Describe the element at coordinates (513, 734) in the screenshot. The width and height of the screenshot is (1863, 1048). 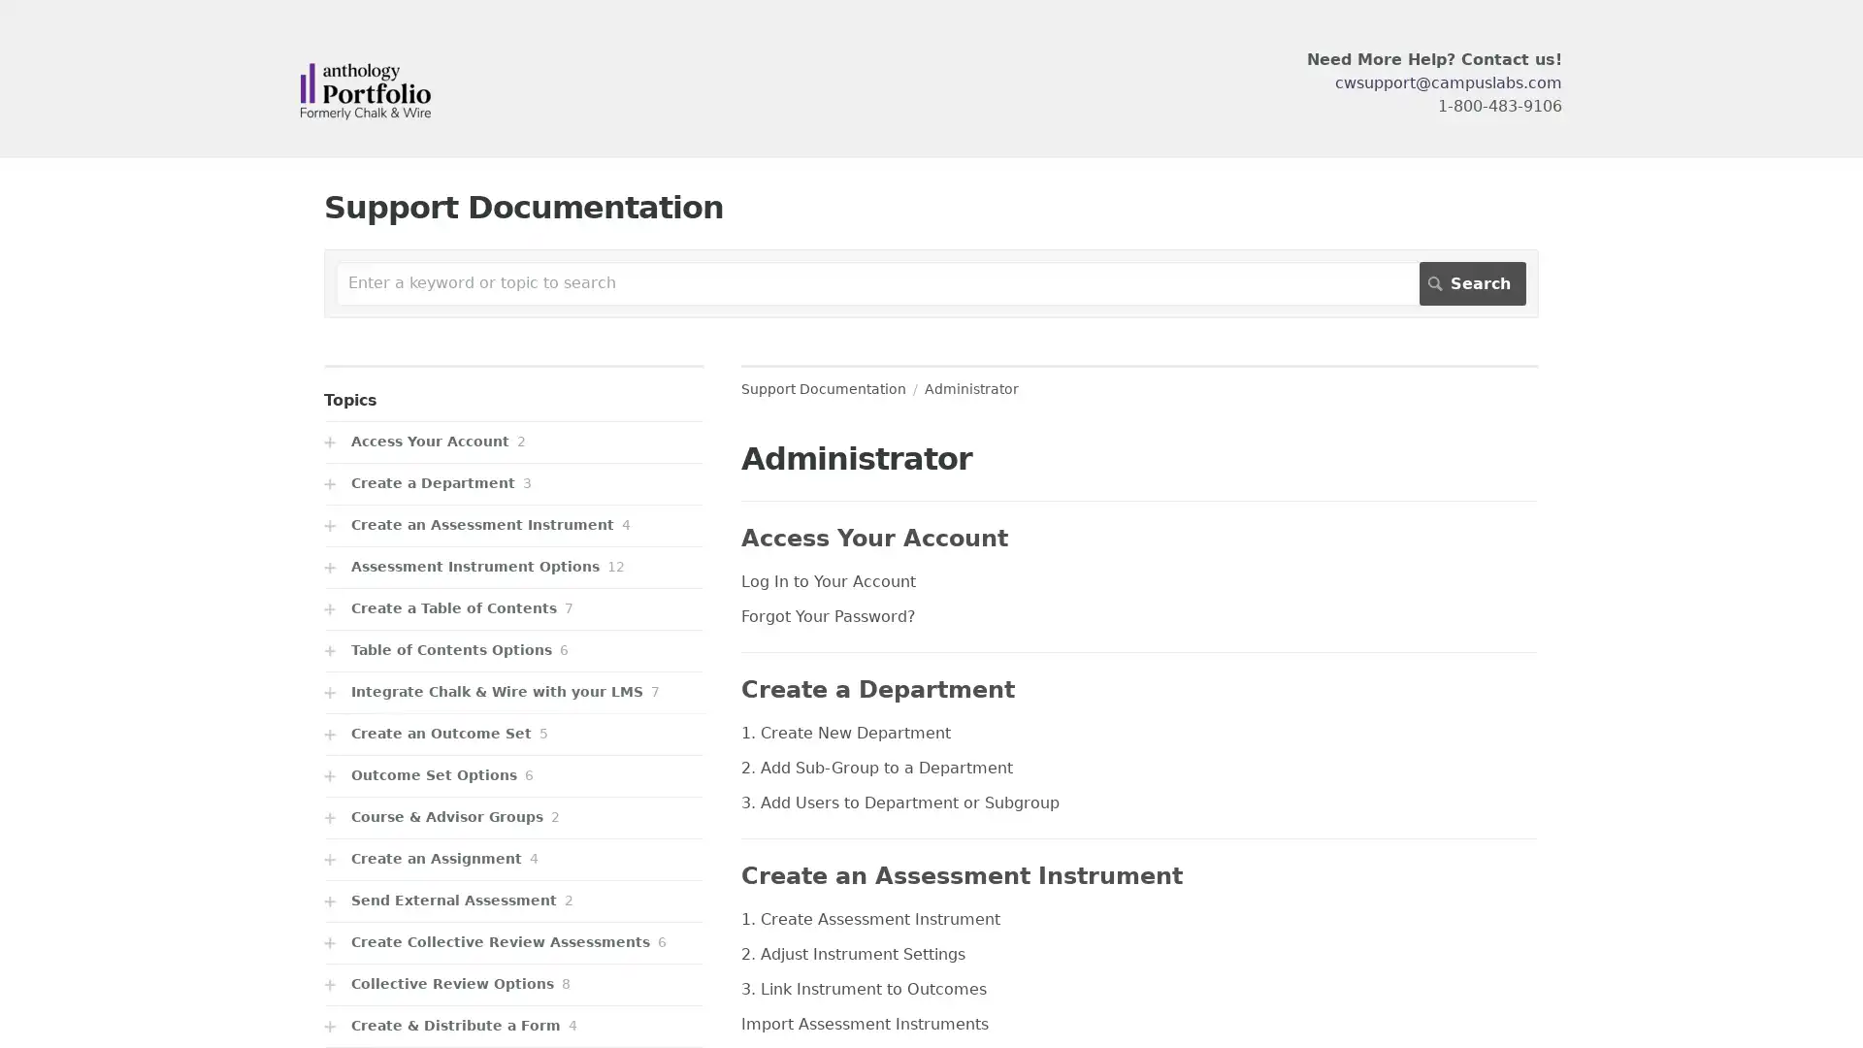
I see `Create an Outcome Set 5` at that location.